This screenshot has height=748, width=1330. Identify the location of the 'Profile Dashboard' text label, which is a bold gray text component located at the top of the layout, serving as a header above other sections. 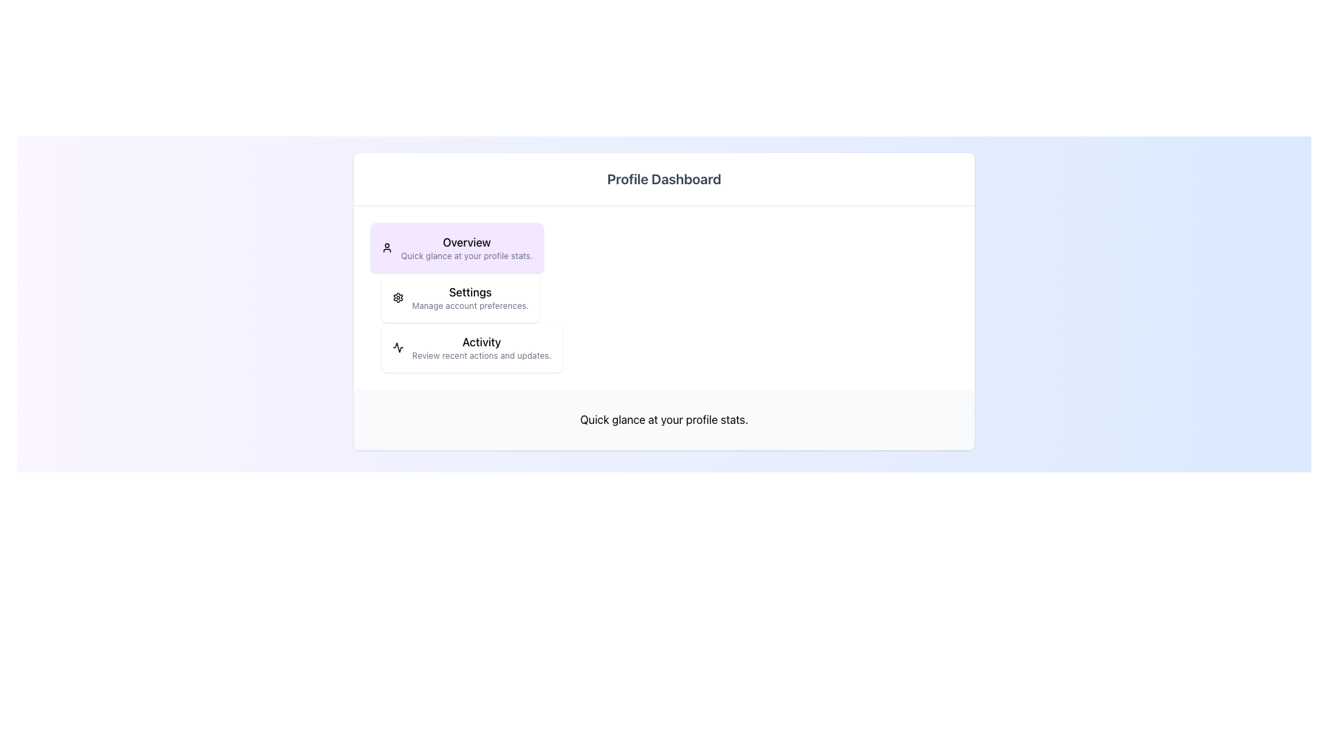
(664, 178).